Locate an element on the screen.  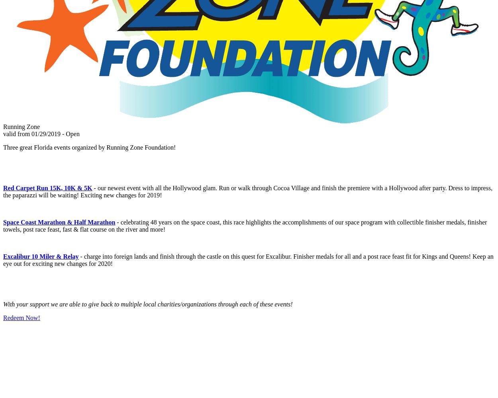
'valid from 01/29/2019 - Open' is located at coordinates (41, 133).